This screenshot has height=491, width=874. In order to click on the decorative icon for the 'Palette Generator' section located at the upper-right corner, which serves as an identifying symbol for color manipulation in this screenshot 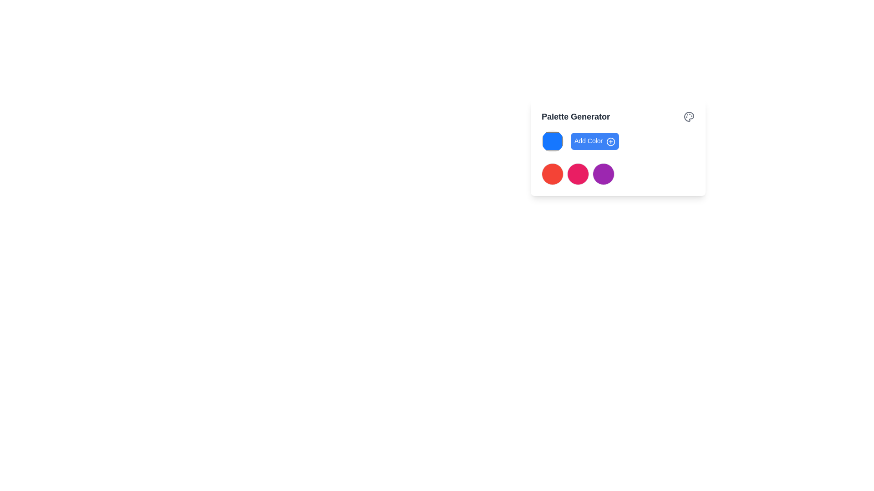, I will do `click(689, 116)`.